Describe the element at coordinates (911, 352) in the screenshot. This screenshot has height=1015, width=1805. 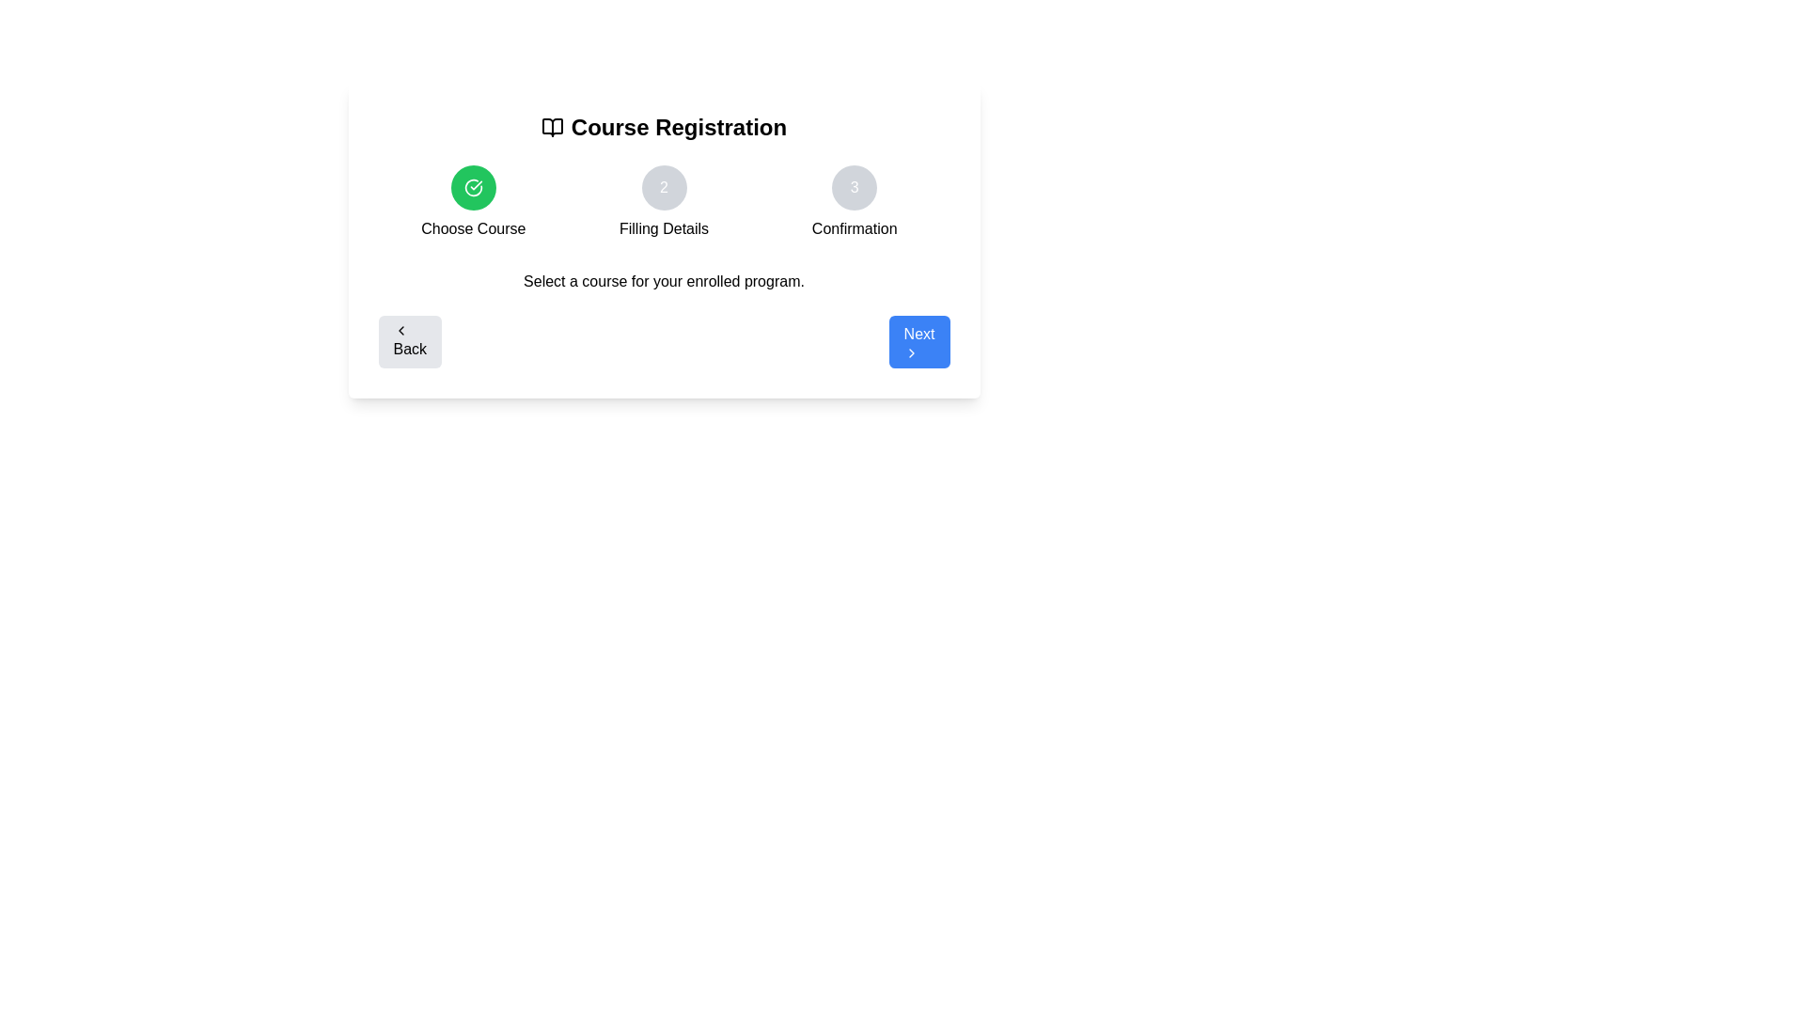
I see `the button labeled 'Next' which contains a rightward chevron icon with a blue background to progress` at that location.